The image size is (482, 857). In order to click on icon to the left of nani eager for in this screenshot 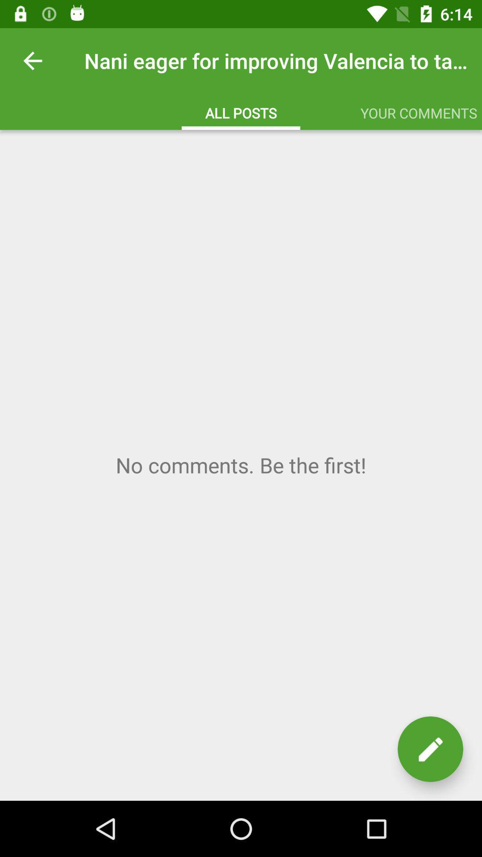, I will do `click(32, 60)`.